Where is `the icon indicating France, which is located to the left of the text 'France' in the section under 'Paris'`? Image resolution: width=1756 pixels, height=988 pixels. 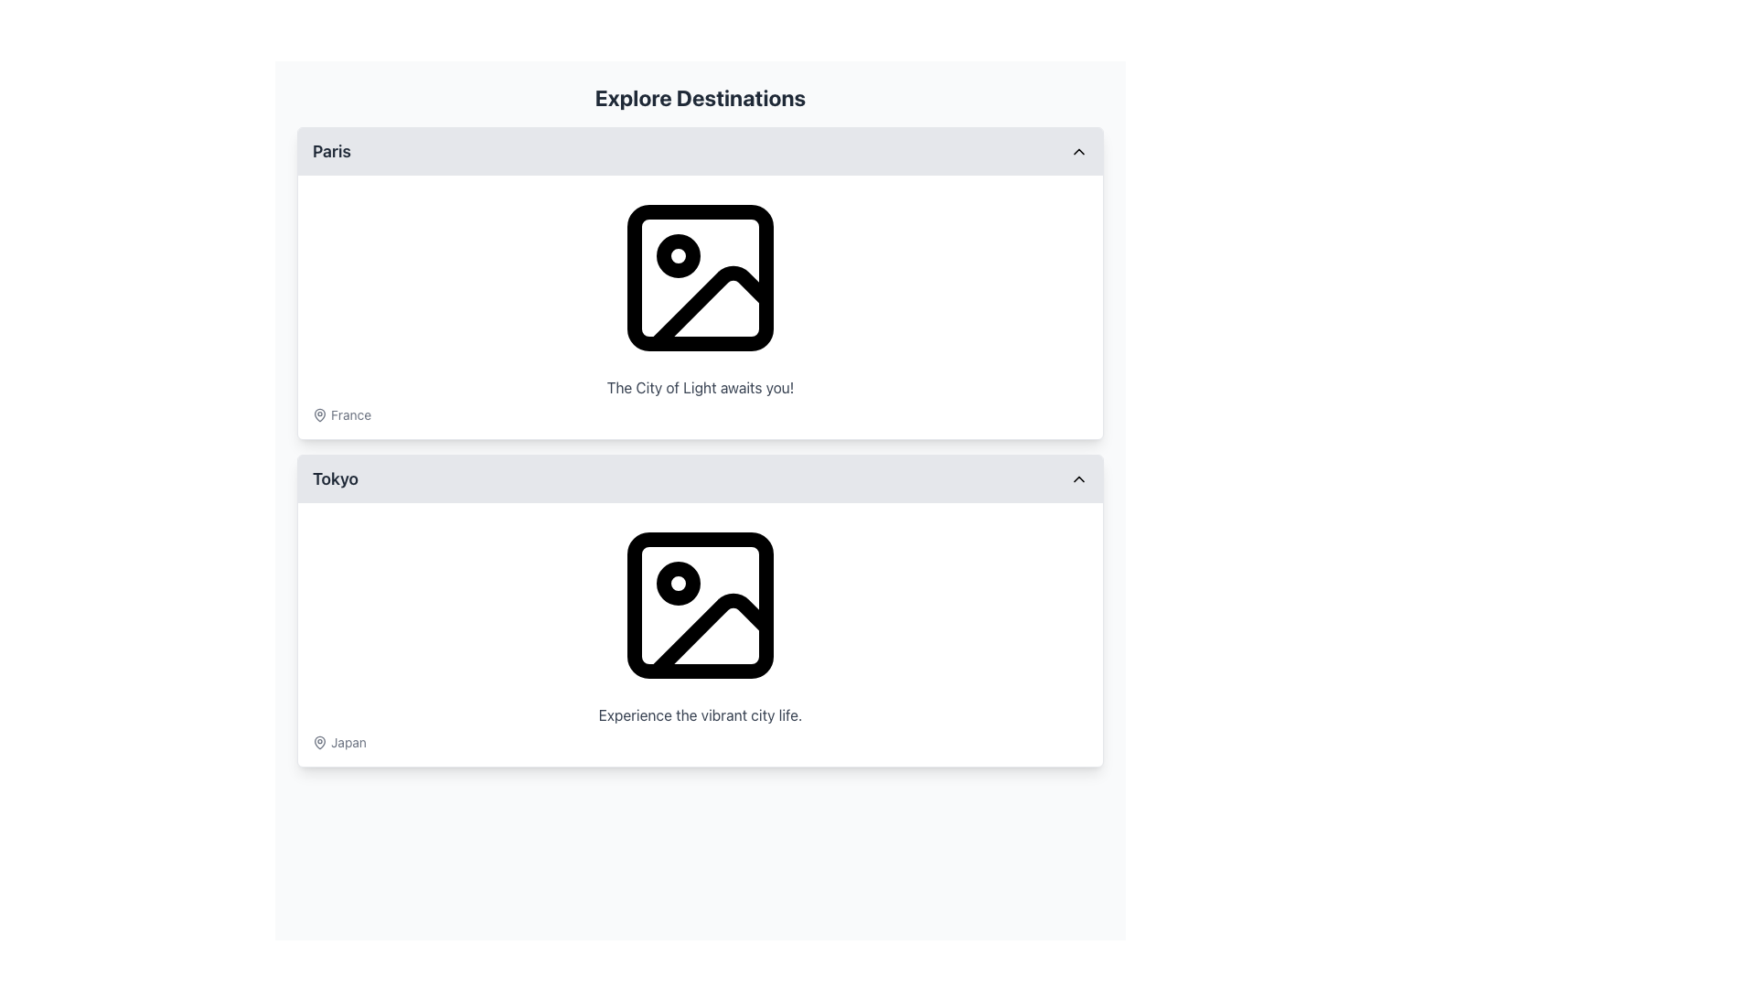 the icon indicating France, which is located to the left of the text 'France' in the section under 'Paris' is located at coordinates (320, 415).